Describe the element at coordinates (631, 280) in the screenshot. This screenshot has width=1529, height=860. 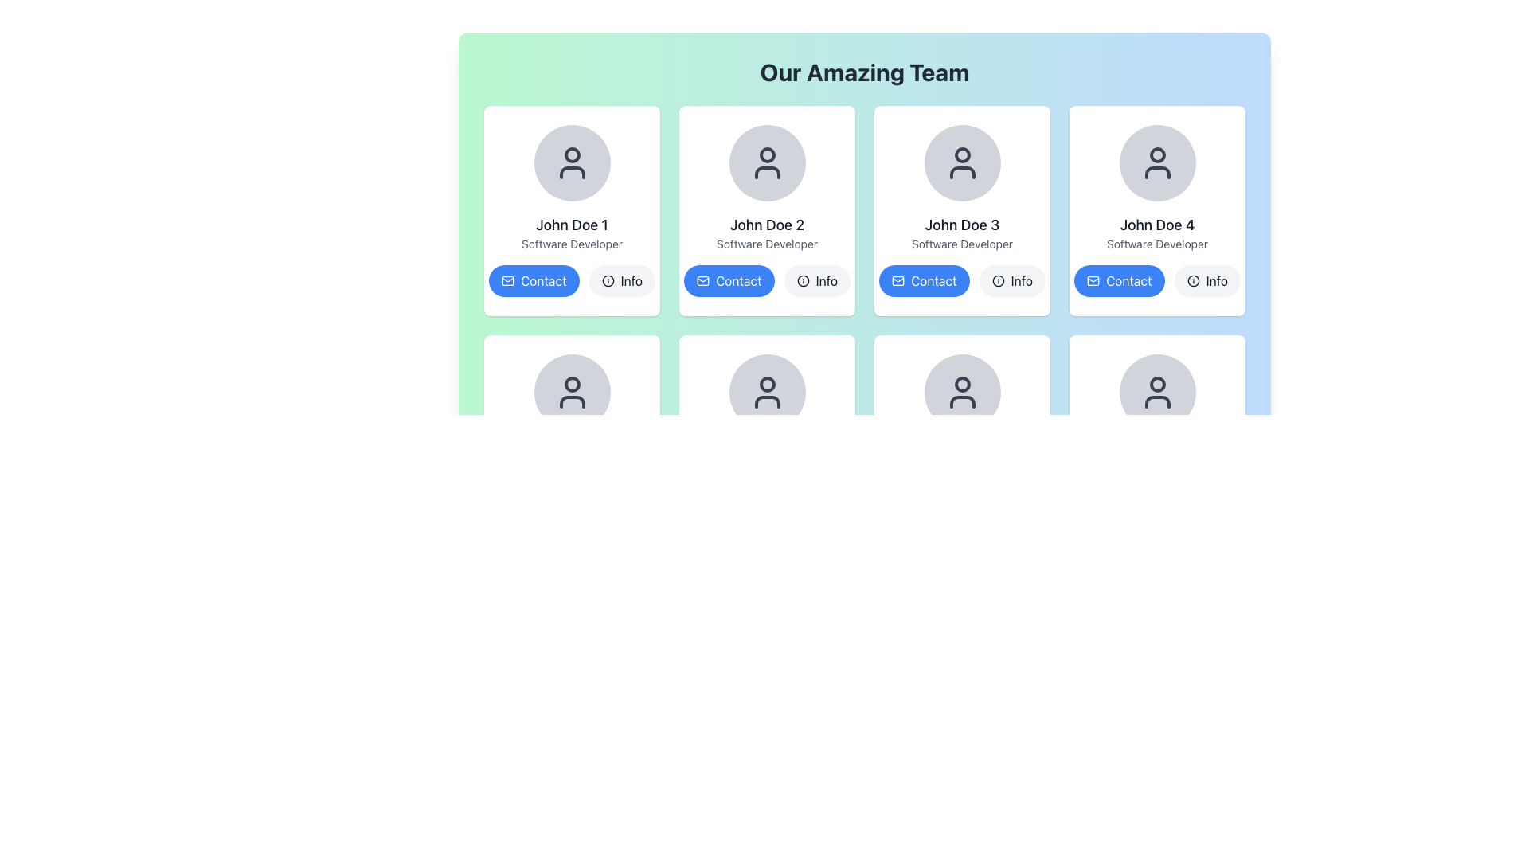
I see `the 'Info' text label located at the bottom-right corner of the user card displaying 'John Doe 1', which is aligned with a circular icon containing an 'i' symbol` at that location.